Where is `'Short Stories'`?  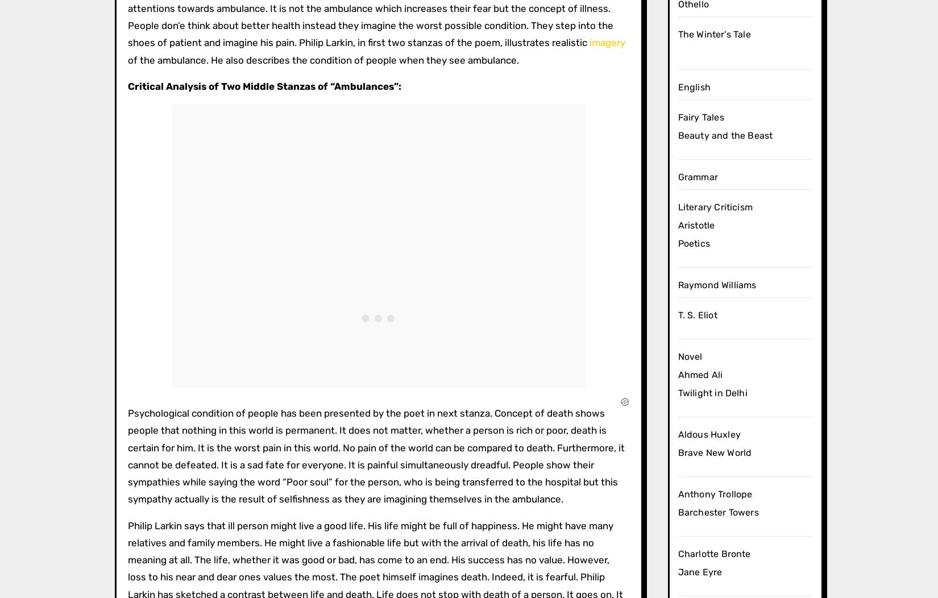
'Short Stories' is located at coordinates (686, 175).